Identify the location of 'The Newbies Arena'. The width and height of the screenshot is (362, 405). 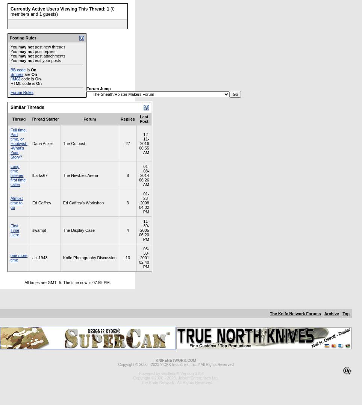
(80, 175).